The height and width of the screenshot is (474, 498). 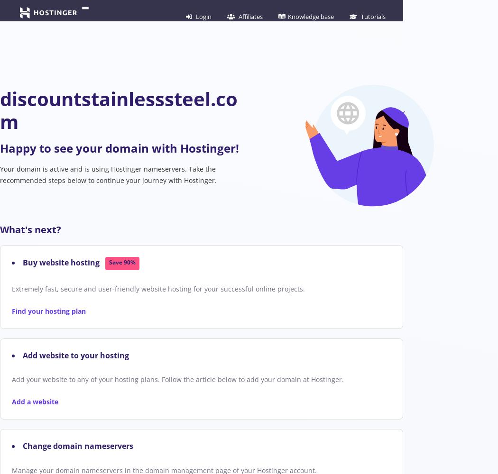 What do you see at coordinates (78, 446) in the screenshot?
I see `'Change domain nameservers'` at bounding box center [78, 446].